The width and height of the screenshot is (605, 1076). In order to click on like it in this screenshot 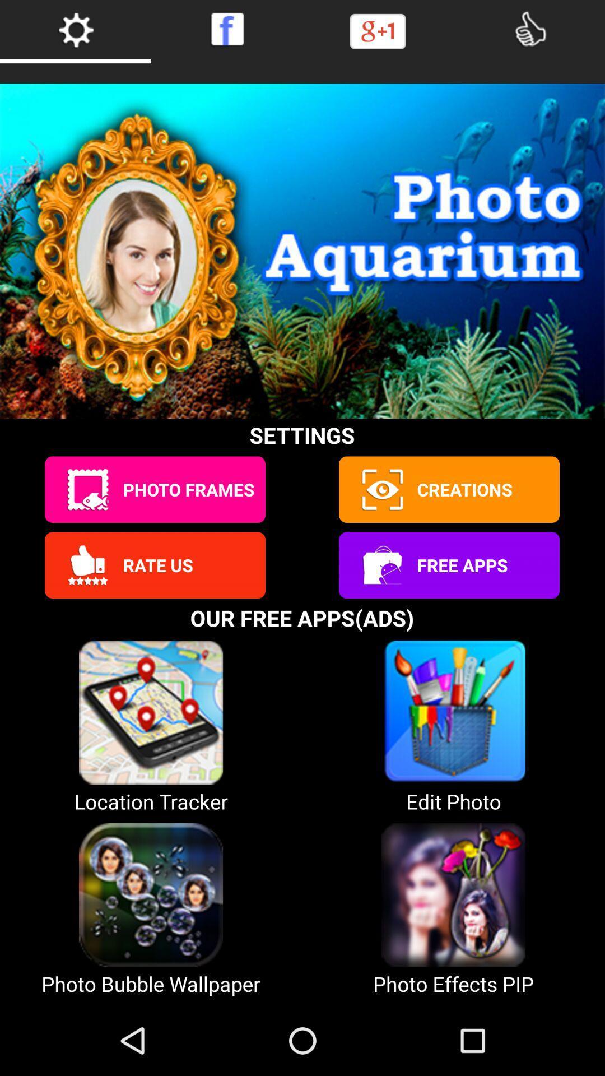, I will do `click(529, 29)`.